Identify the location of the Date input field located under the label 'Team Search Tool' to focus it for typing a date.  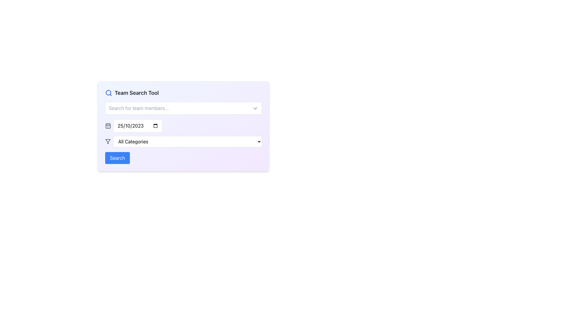
(137, 125).